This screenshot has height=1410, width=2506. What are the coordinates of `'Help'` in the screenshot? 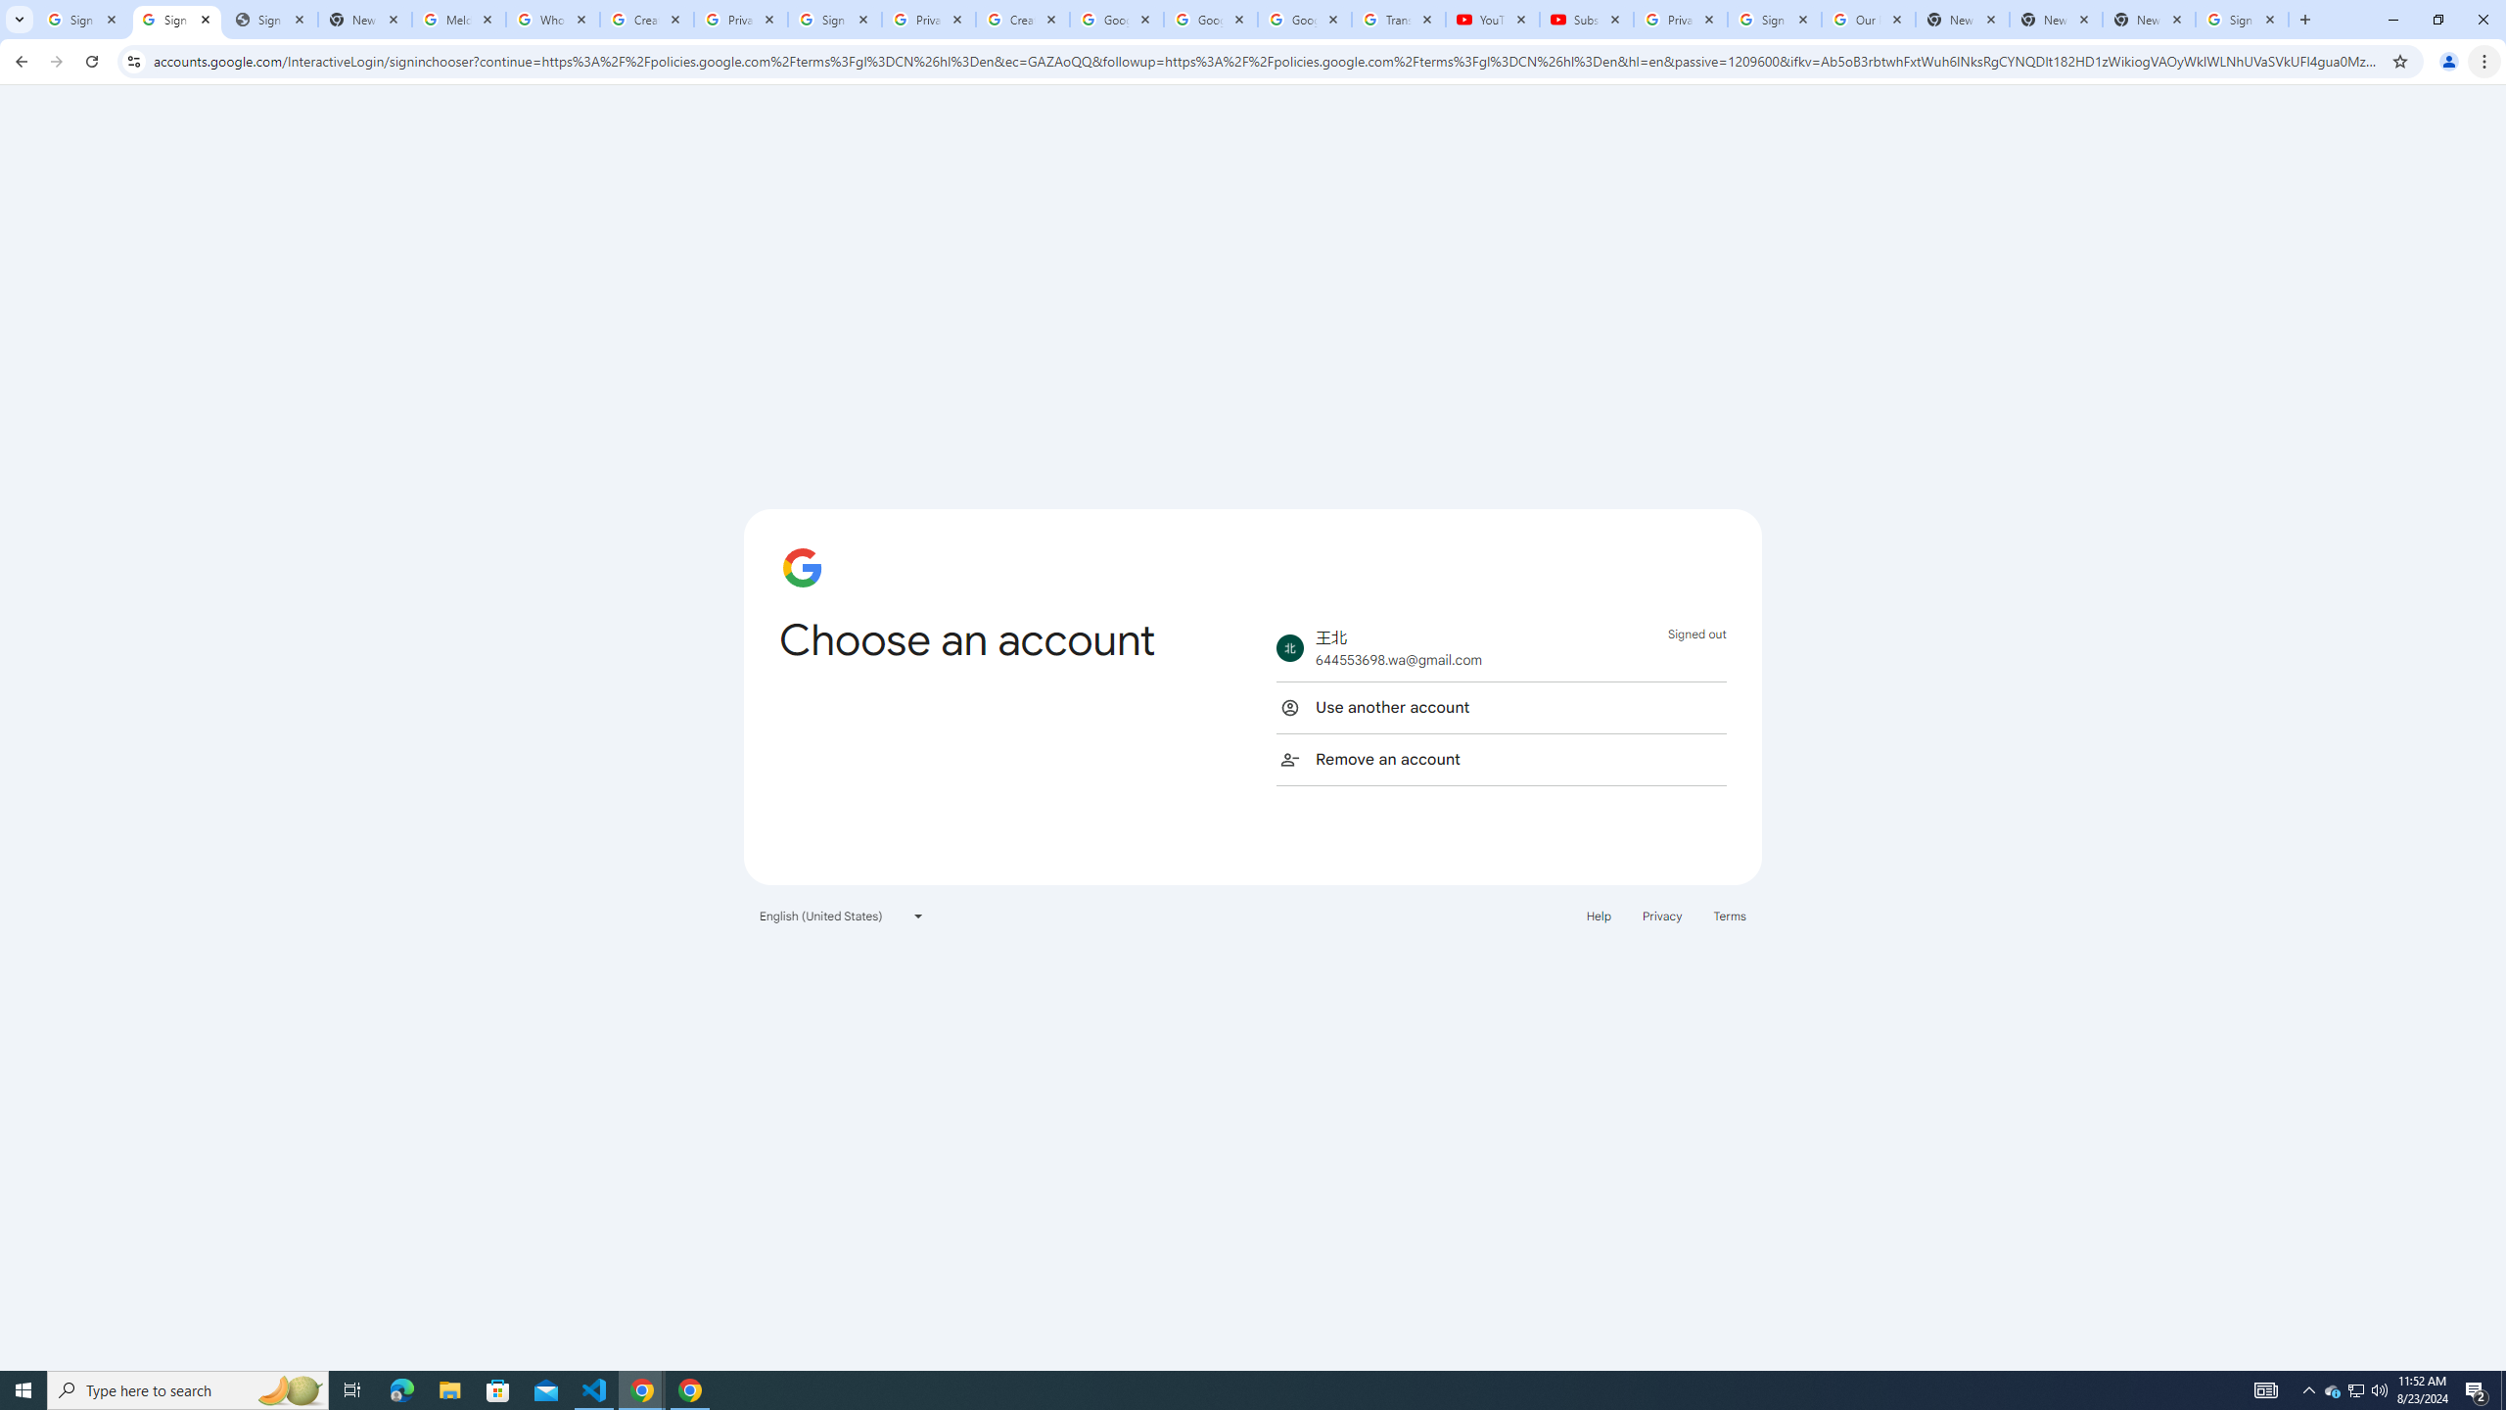 It's located at (1598, 915).